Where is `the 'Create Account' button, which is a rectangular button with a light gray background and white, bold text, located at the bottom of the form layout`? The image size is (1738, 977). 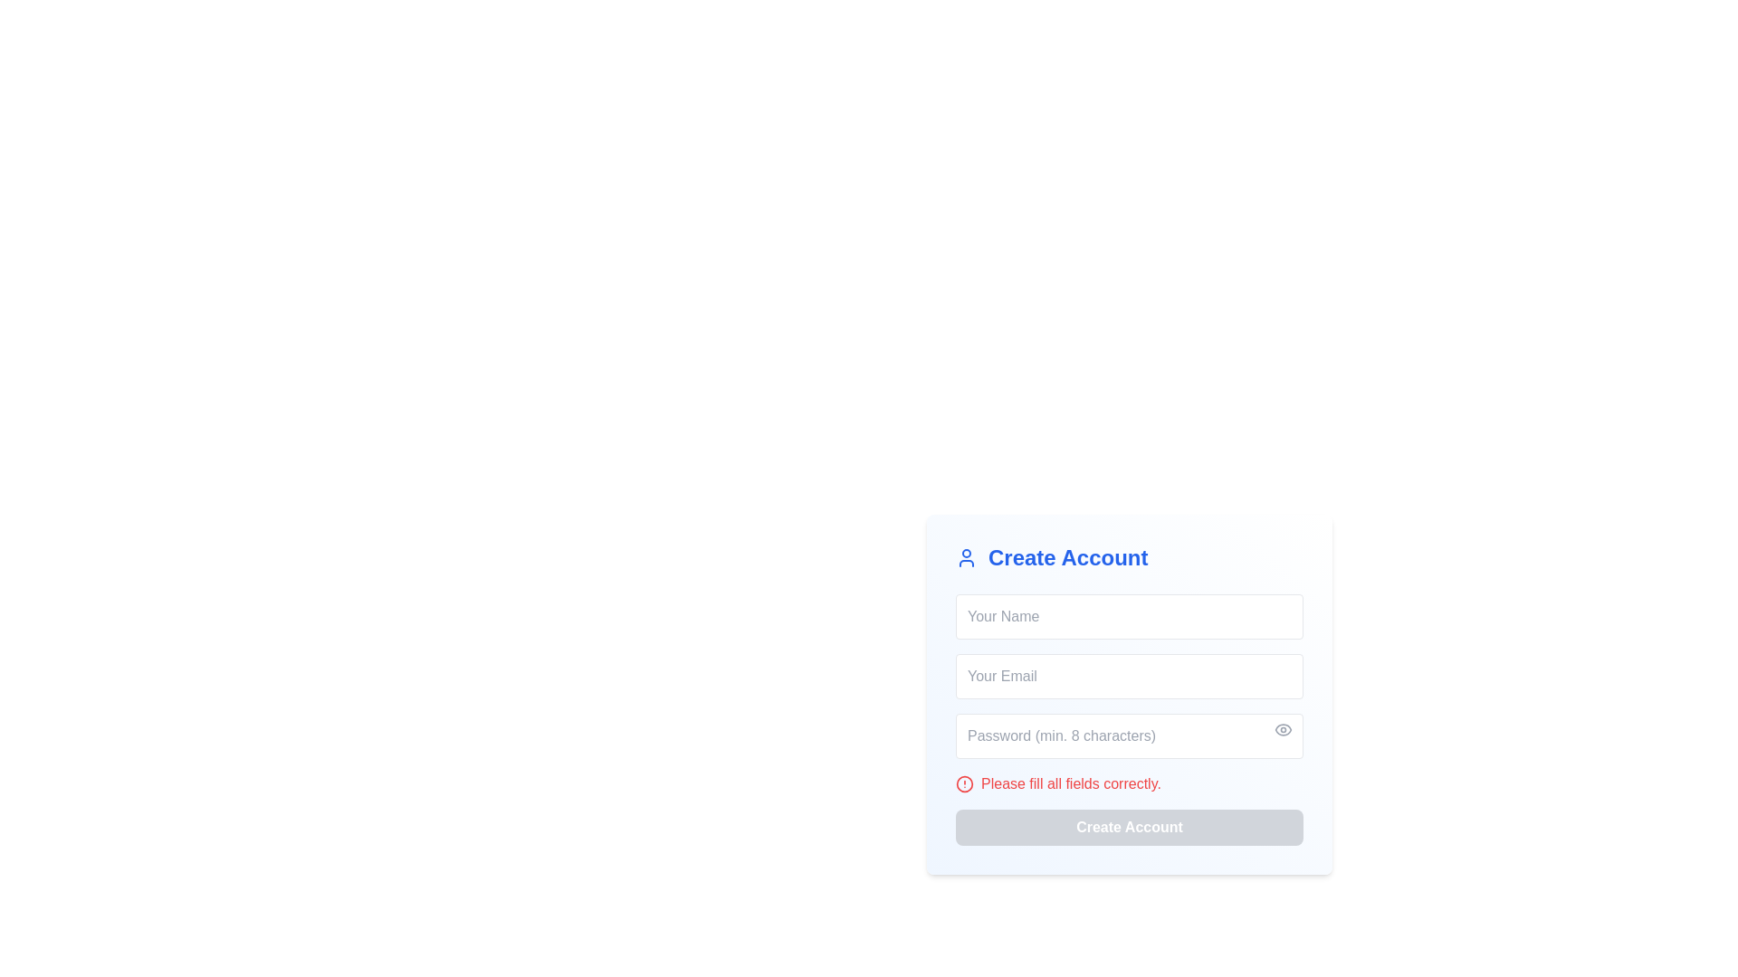 the 'Create Account' button, which is a rectangular button with a light gray background and white, bold text, located at the bottom of the form layout is located at coordinates (1129, 827).